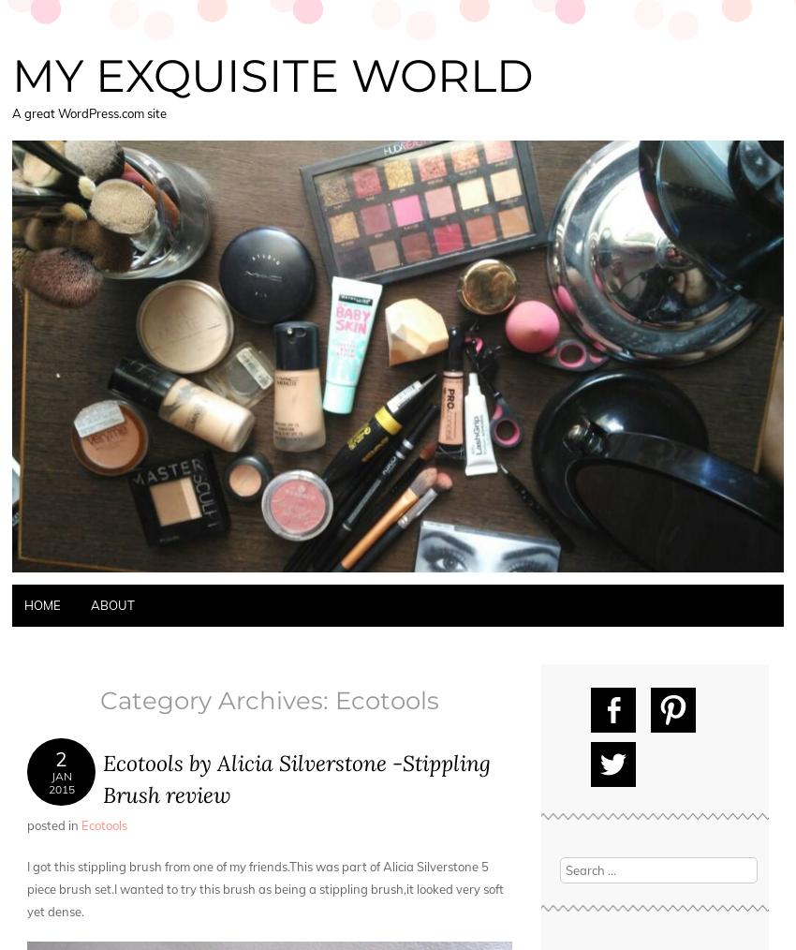  I want to click on 'My Exquisite World', so click(271, 74).